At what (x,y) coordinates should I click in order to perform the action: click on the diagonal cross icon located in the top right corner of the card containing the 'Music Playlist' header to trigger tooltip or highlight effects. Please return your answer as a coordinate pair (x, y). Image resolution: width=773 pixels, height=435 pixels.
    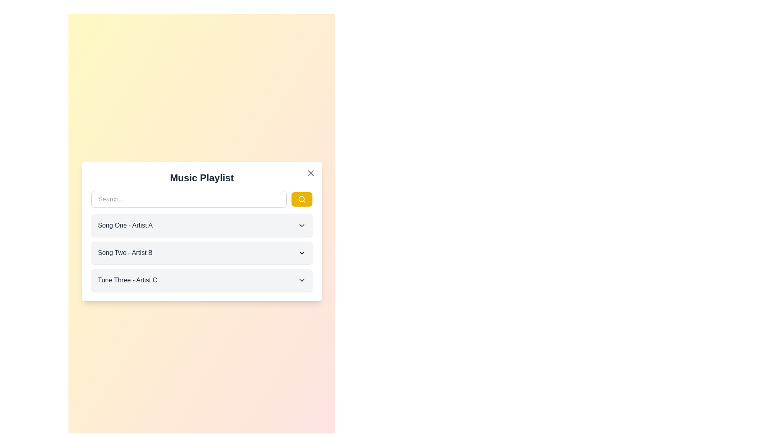
    Looking at the image, I should click on (310, 172).